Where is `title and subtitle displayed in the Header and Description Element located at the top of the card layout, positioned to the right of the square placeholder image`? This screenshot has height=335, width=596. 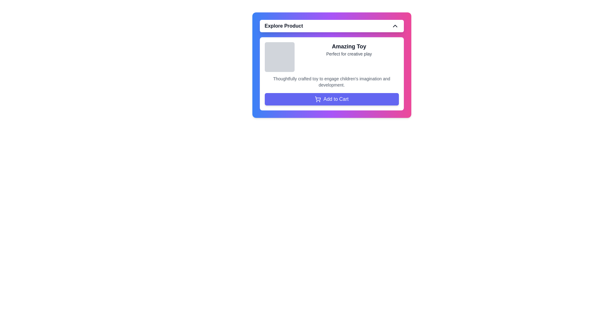
title and subtitle displayed in the Header and Description Element located at the top of the card layout, positioned to the right of the square placeholder image is located at coordinates (331, 57).